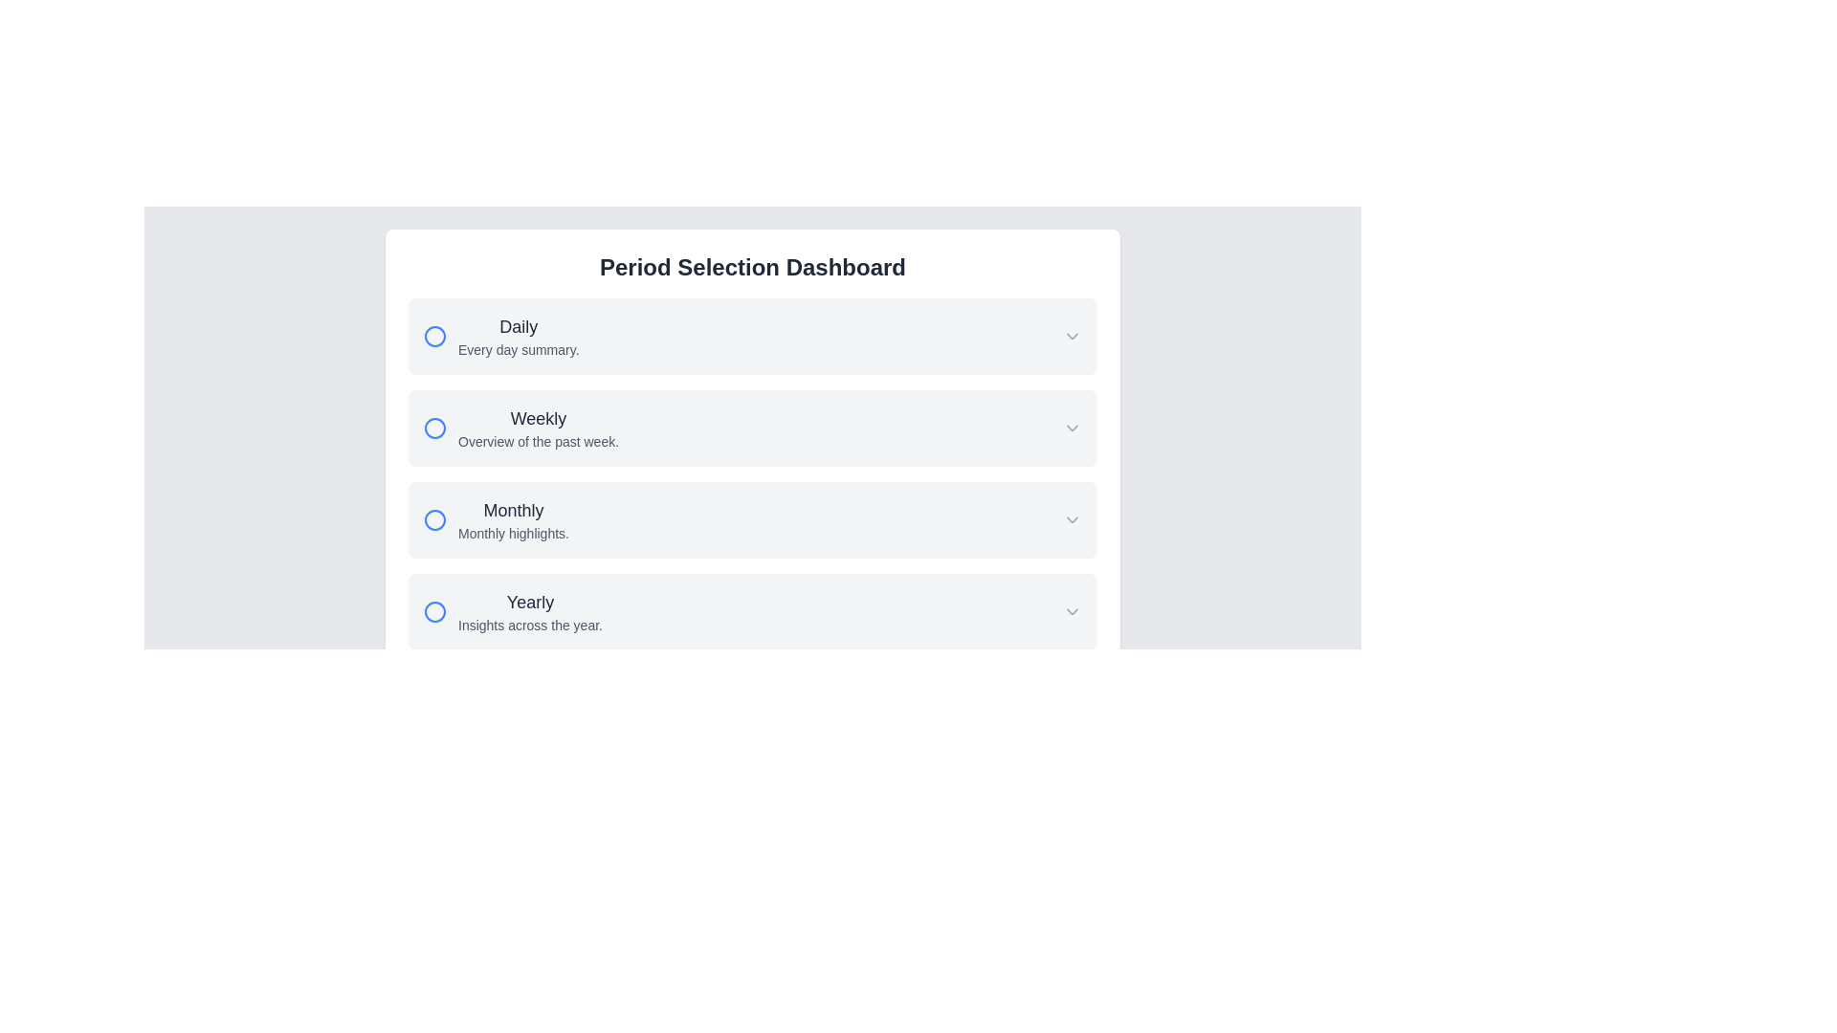 This screenshot has height=1033, width=1837. I want to click on the text label located in the second row of options under 'Period Selection Dashboard', so click(537, 427).